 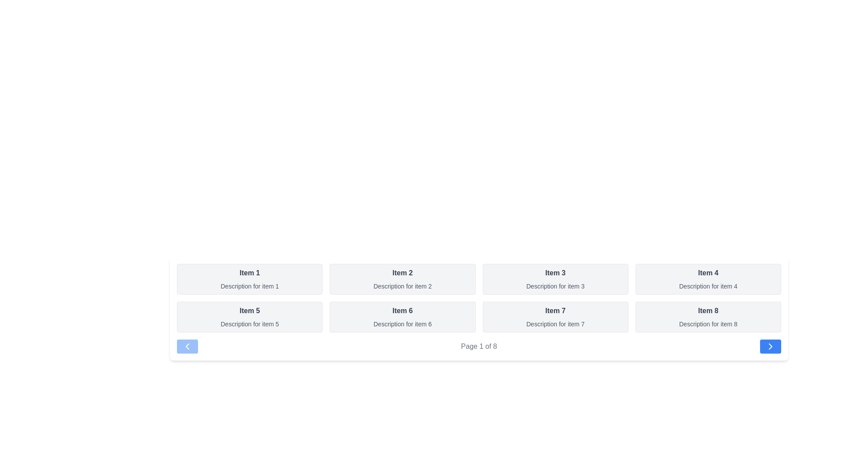 What do you see at coordinates (478, 346) in the screenshot?
I see `the static text element that displays the current page number and total pages, located at the center of the pagination bar at the bottom of the interface` at bounding box center [478, 346].